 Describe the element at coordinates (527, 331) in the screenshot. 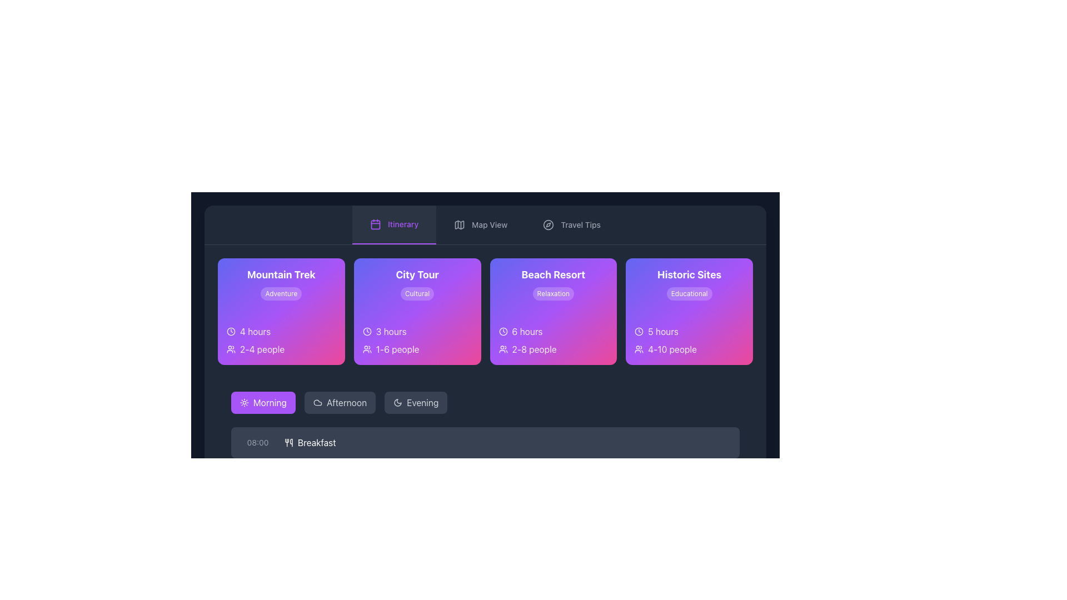

I see `text label that provides information about the duration of the activity or event described in the 'Beach Resort' card, located within the 'Itinerary' tab between 'City Tour' and 'Historic Sites'` at that location.